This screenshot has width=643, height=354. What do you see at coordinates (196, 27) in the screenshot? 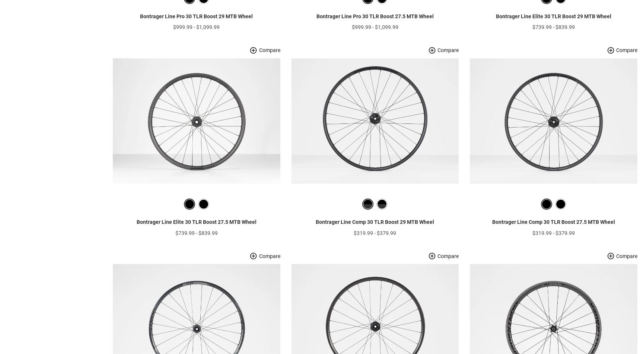
I see `'Bontrager Line Pro 30 TLR Boost 29 MTB Wheel'` at bounding box center [196, 27].